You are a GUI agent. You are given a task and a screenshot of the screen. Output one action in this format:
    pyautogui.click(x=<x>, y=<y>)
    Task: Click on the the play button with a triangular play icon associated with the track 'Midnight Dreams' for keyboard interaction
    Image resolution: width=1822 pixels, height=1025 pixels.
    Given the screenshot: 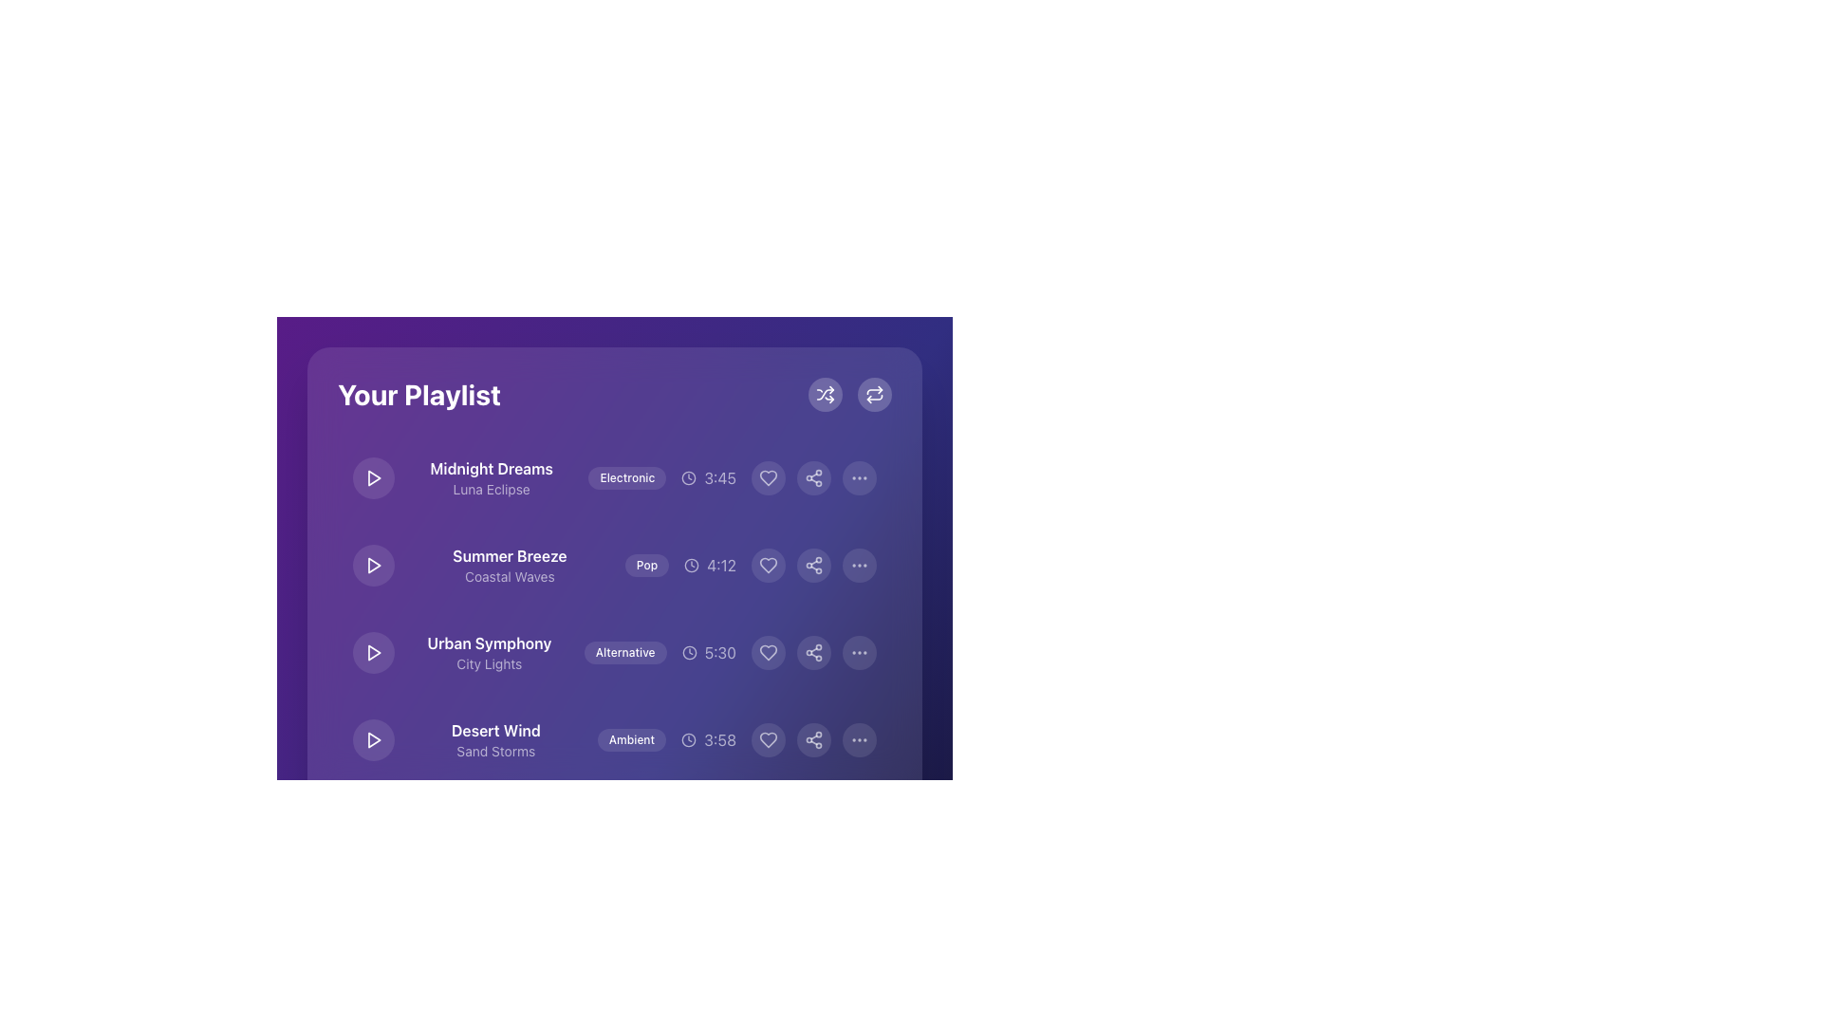 What is the action you would take?
    pyautogui.click(x=374, y=477)
    